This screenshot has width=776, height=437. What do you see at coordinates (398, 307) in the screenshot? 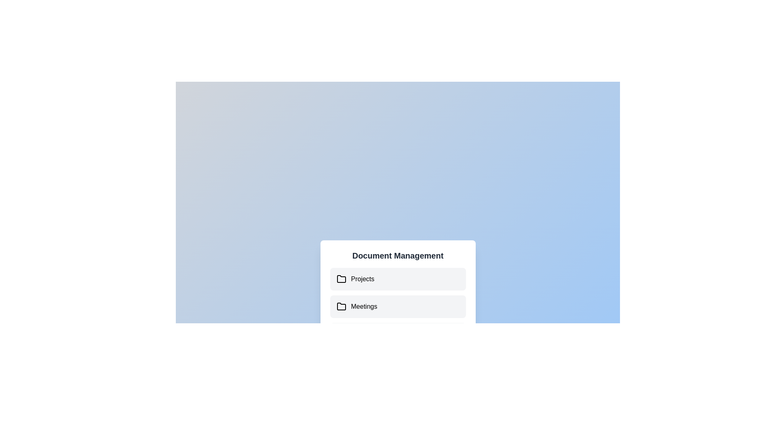
I see `the document 'Project Report.pdf' under the folder 'Meetings'` at bounding box center [398, 307].